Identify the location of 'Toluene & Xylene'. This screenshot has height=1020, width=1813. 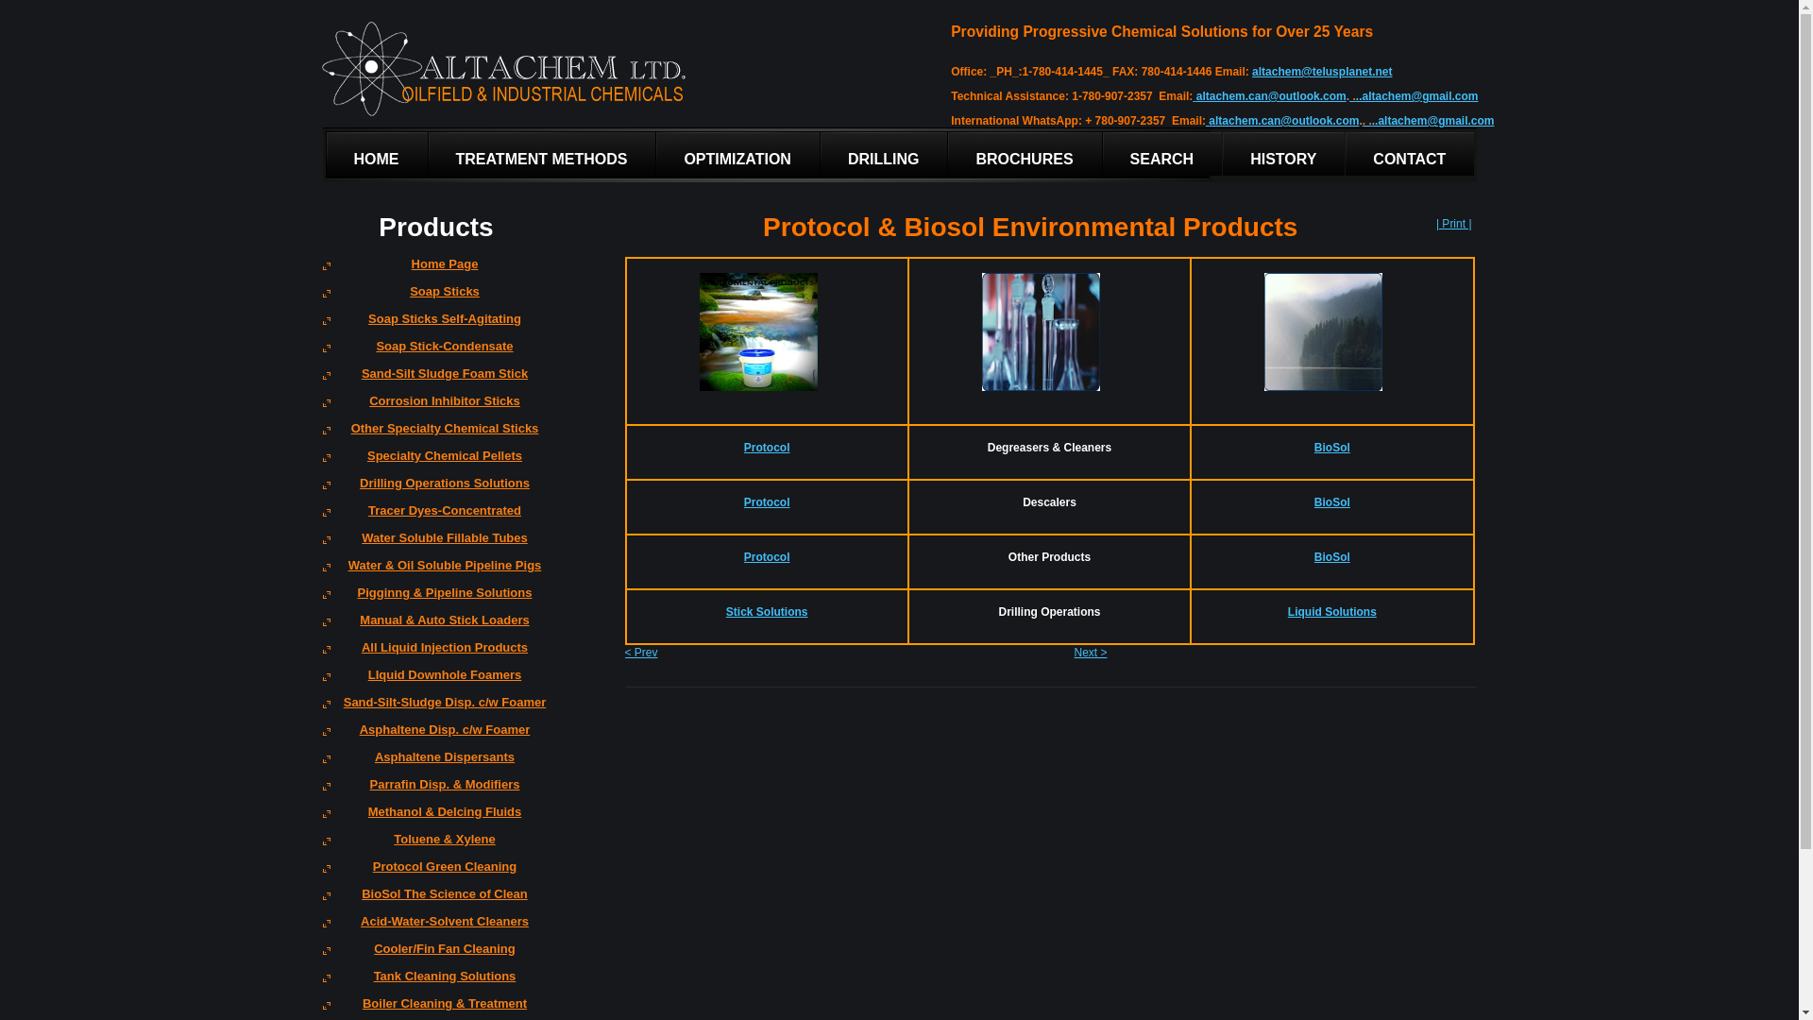
(435, 844).